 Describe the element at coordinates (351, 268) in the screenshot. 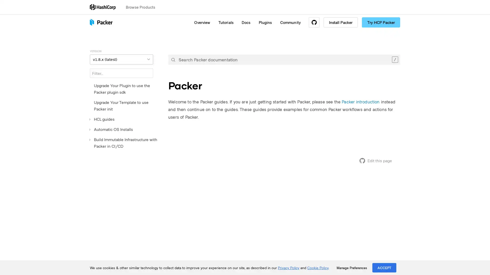

I see `Manage Preferences` at that location.